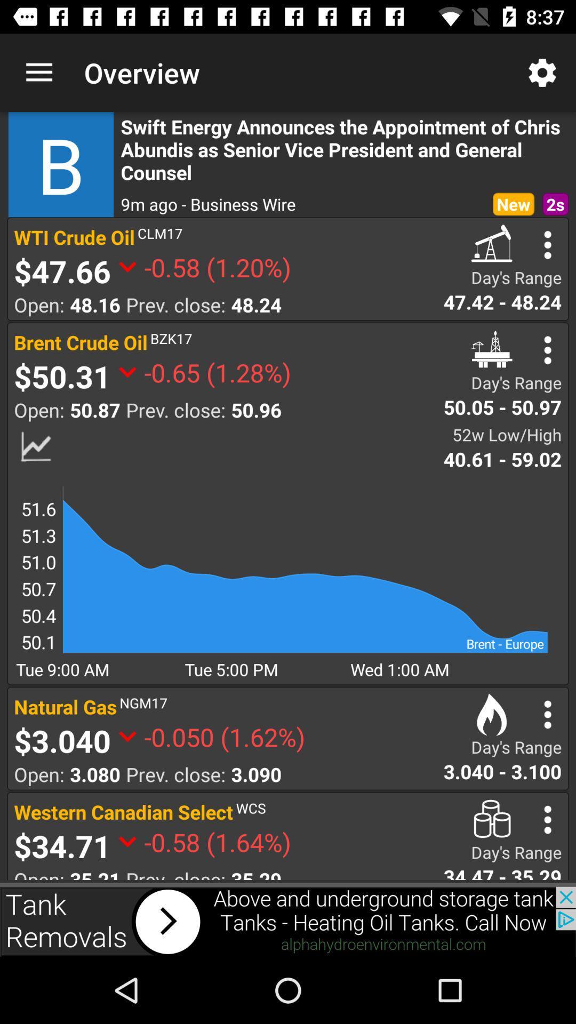  What do you see at coordinates (548, 350) in the screenshot?
I see `more options` at bounding box center [548, 350].